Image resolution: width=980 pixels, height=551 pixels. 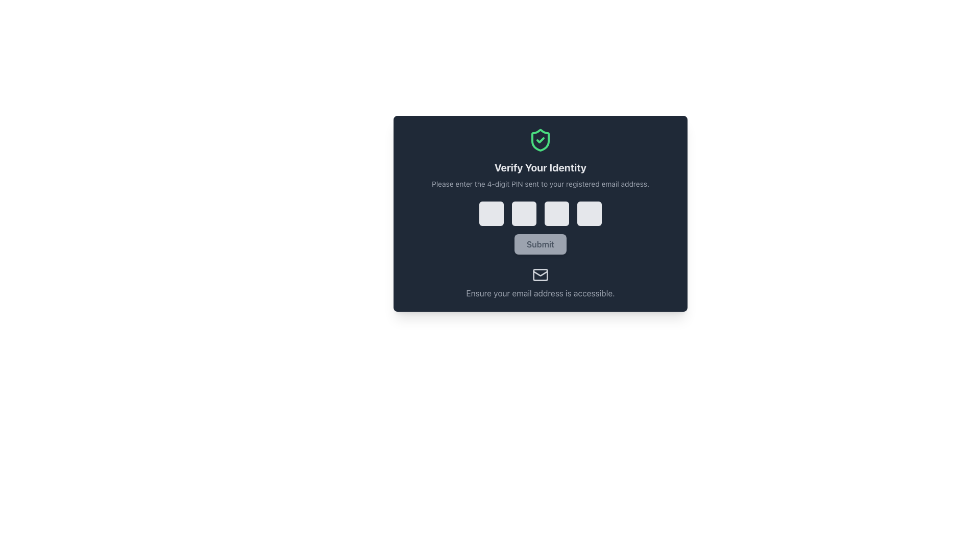 What do you see at coordinates (540, 274) in the screenshot?
I see `the graphical icon component that symbolizes email communication, located at the center of the envelope illustration within the card layout` at bounding box center [540, 274].